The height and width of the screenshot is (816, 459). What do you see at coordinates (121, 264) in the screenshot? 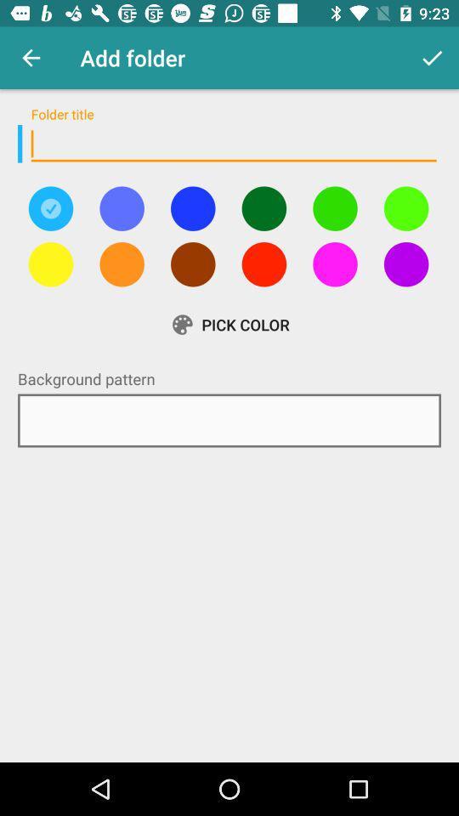
I see `to add orange color` at bounding box center [121, 264].